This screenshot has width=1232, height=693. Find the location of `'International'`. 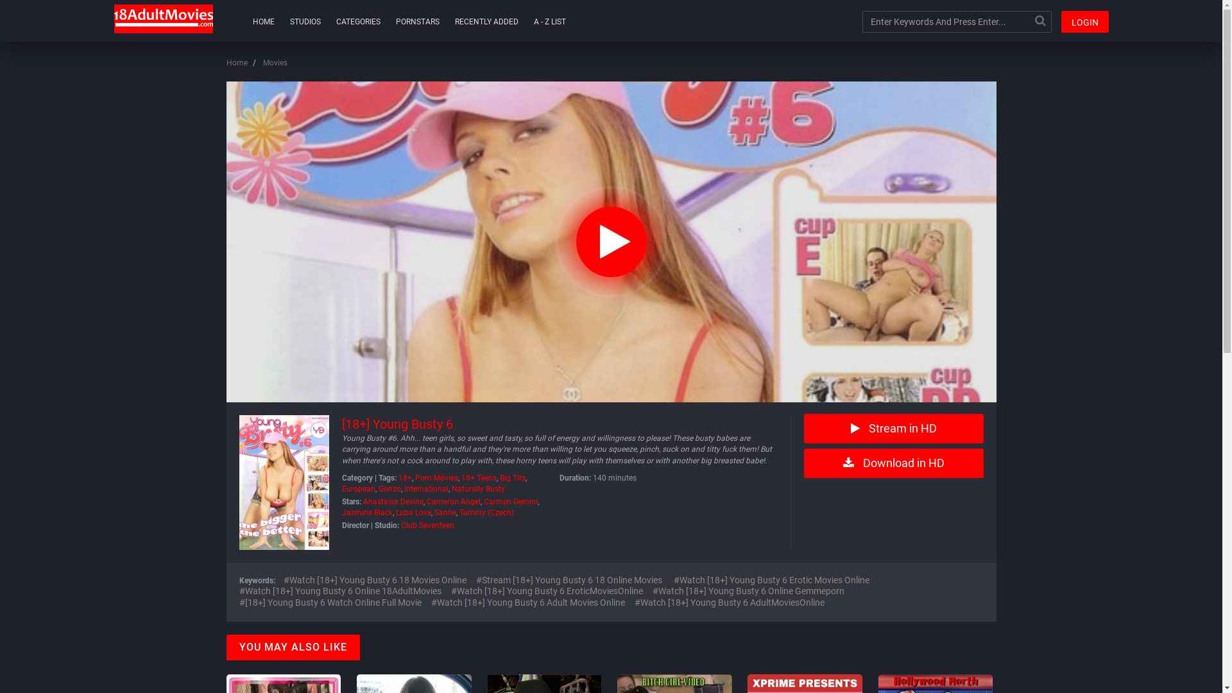

'International' is located at coordinates (426, 489).